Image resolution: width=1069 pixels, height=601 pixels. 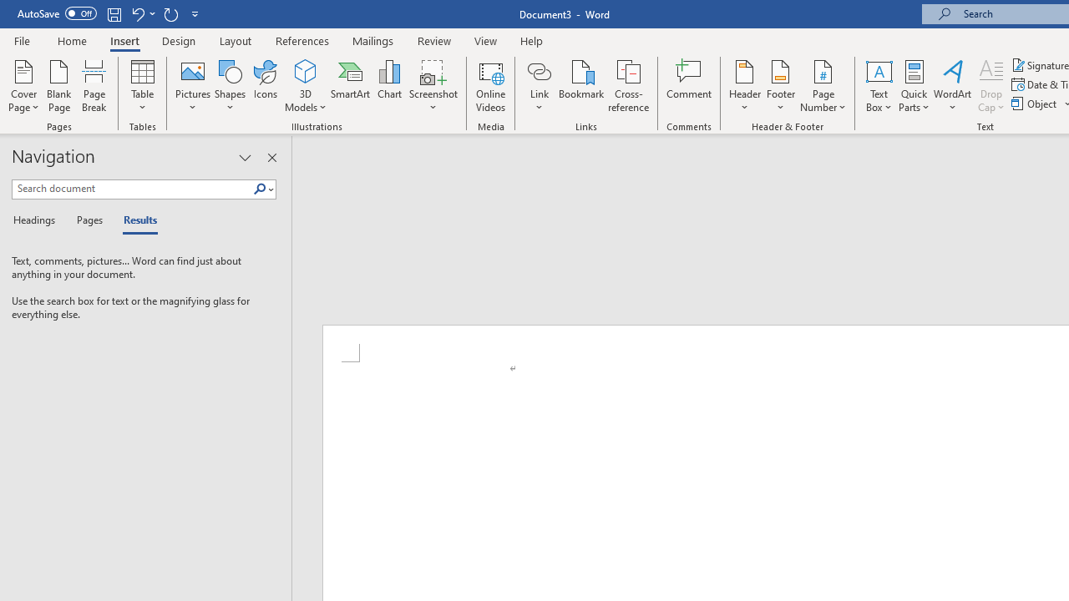 What do you see at coordinates (259, 189) in the screenshot?
I see `'Search'` at bounding box center [259, 189].